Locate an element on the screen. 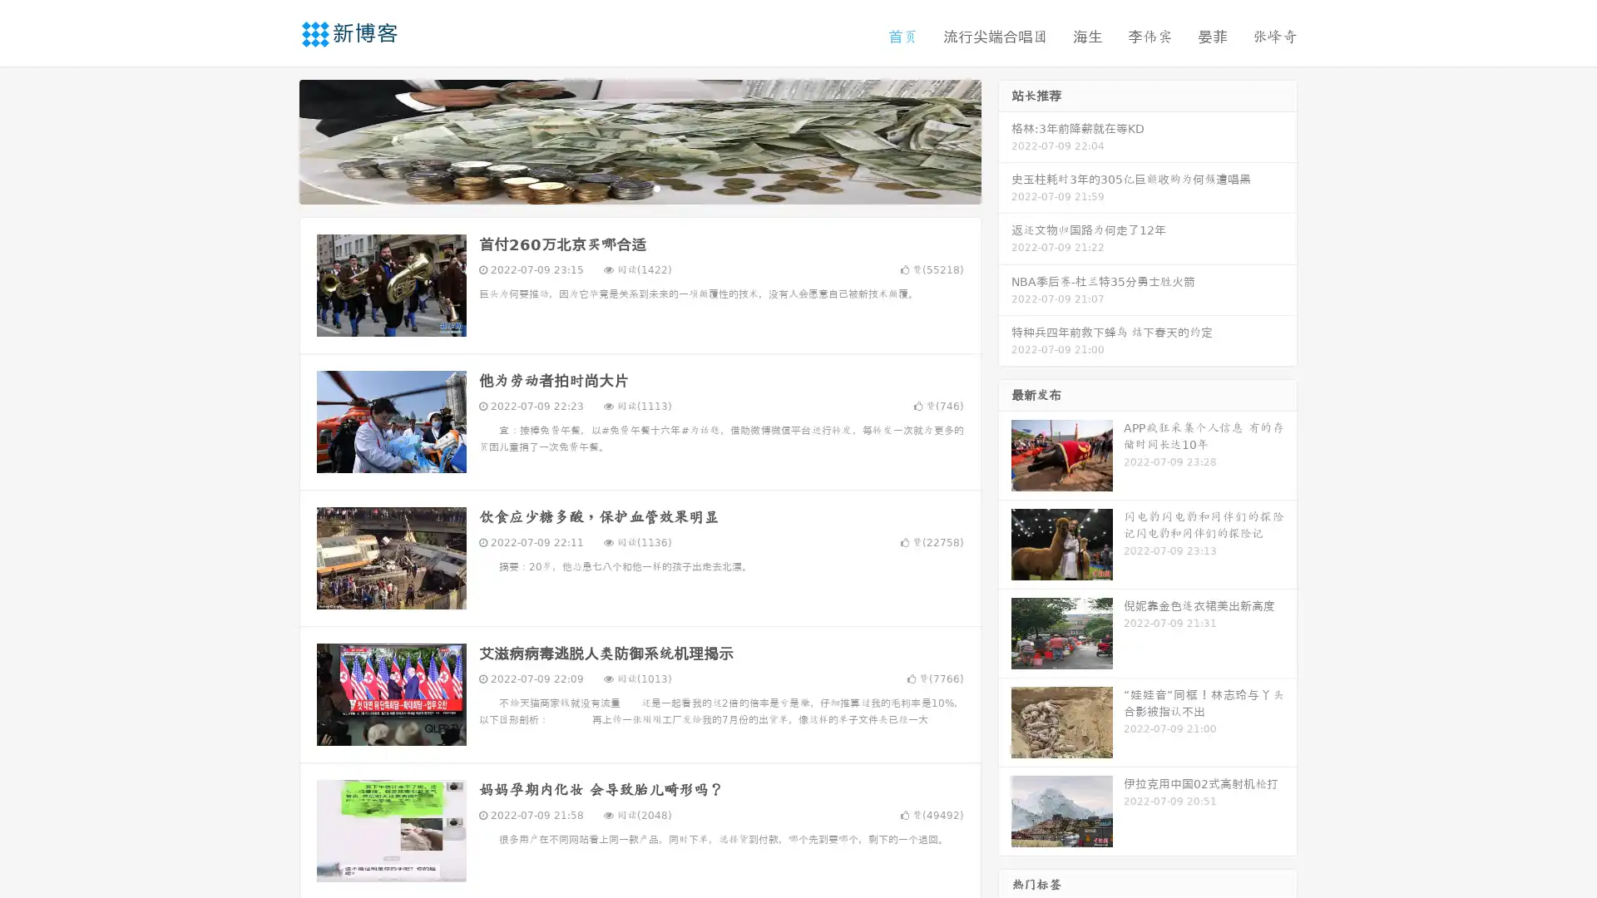  Previous slide is located at coordinates (274, 140).